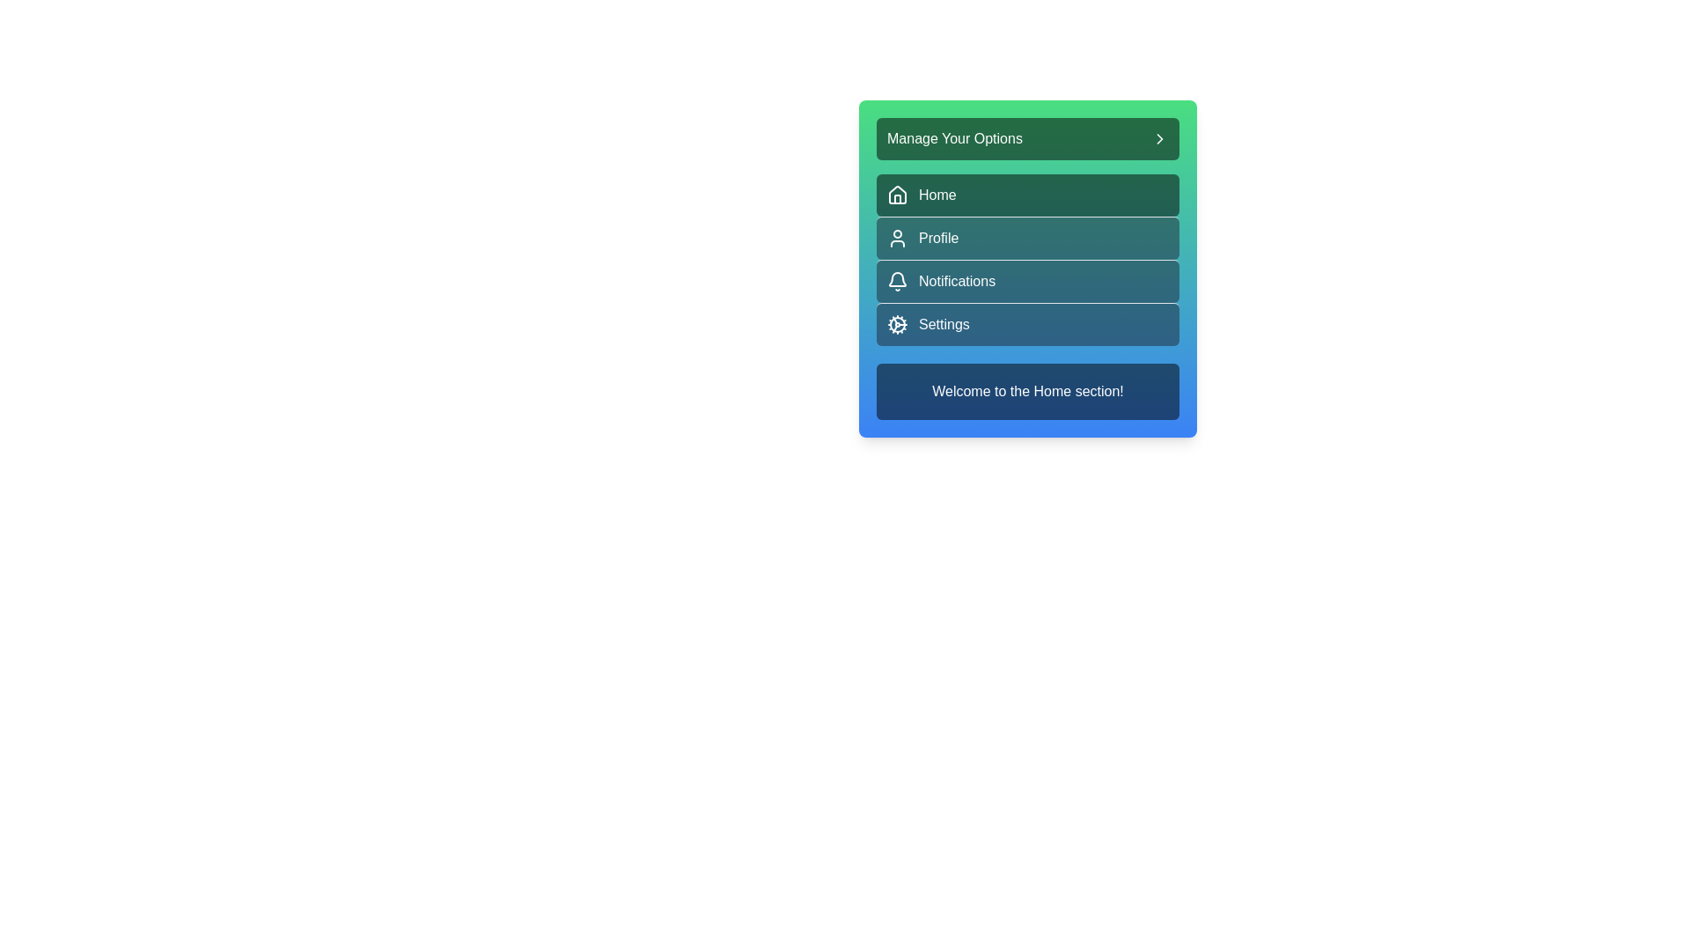 Image resolution: width=1690 pixels, height=951 pixels. Describe the element at coordinates (1027, 323) in the screenshot. I see `the 'Settings' button, which is the fourth item in the vertical list of menu options` at that location.